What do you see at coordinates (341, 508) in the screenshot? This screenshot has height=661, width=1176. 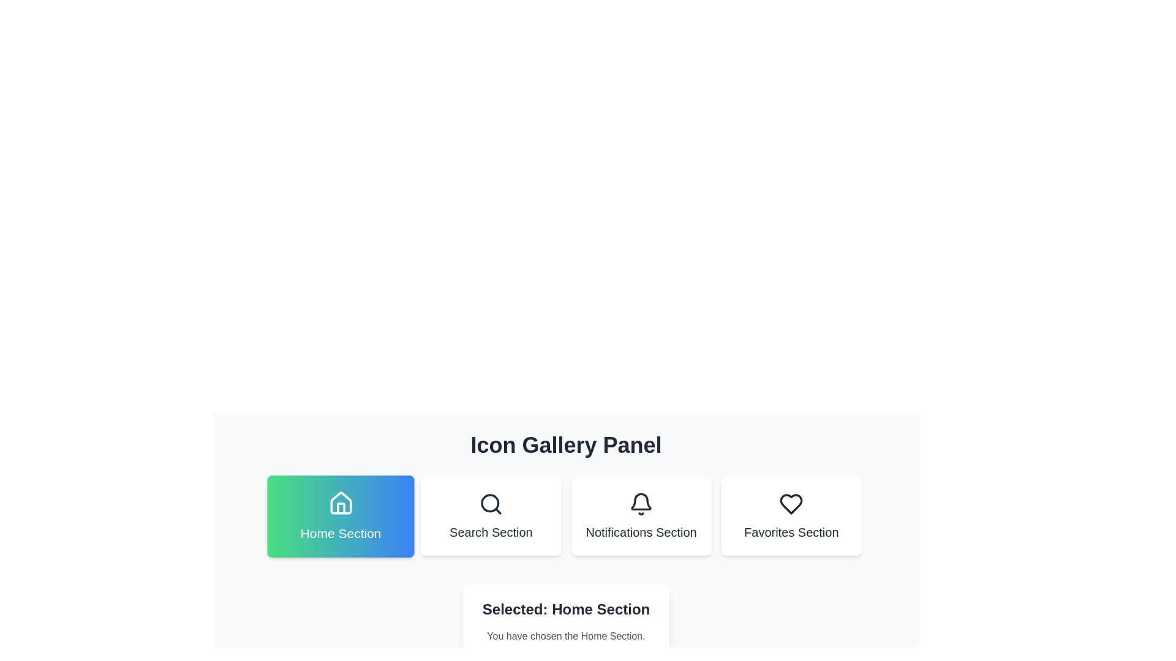 I see `the small vertical rectangle located within the lower part of the house icon in the 'Home Section' button` at bounding box center [341, 508].